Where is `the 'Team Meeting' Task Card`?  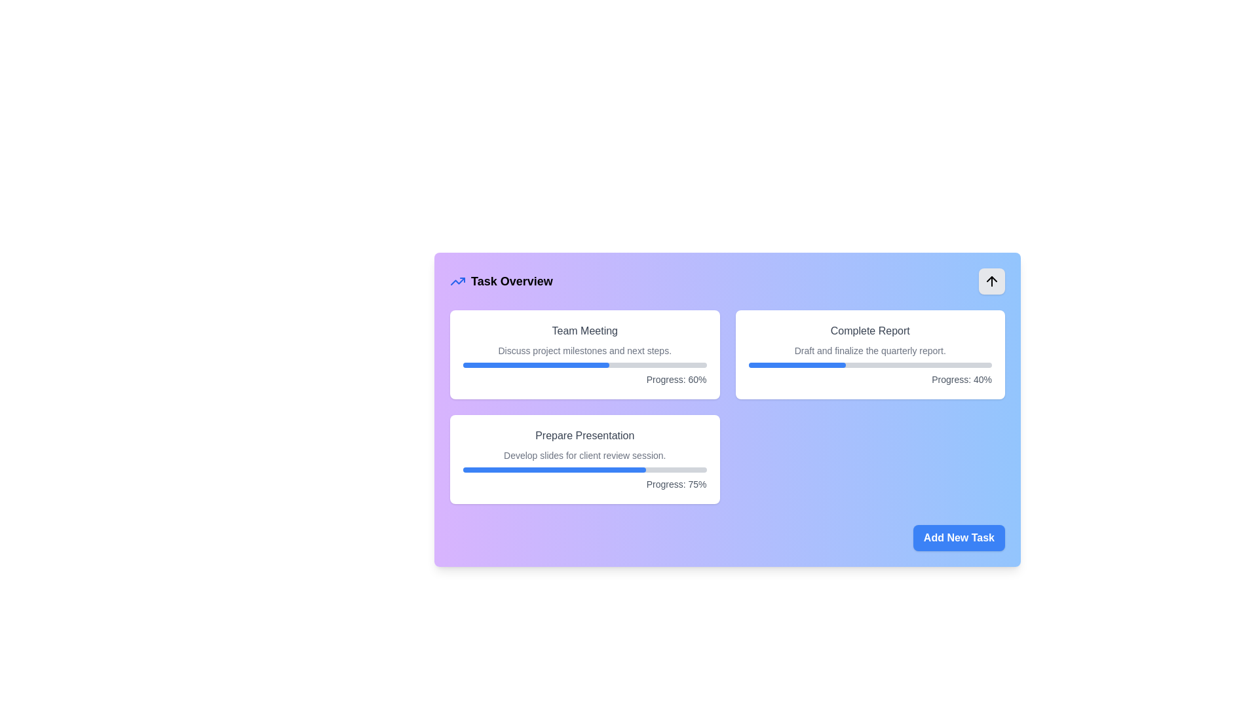 the 'Team Meeting' Task Card is located at coordinates (584, 355).